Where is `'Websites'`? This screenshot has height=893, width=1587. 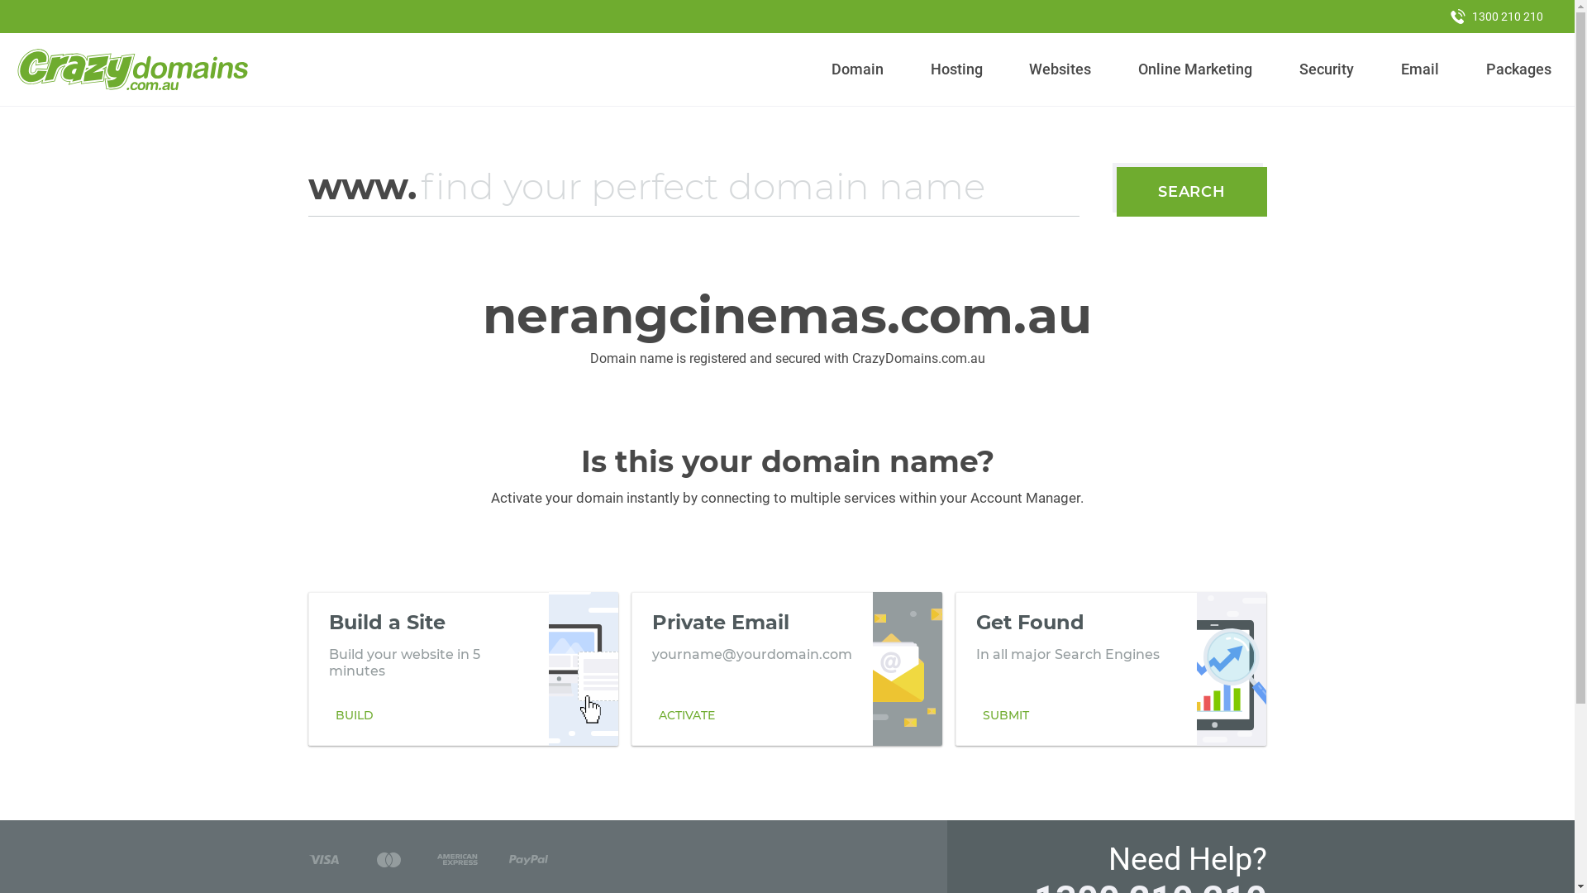
'Websites' is located at coordinates (1060, 69).